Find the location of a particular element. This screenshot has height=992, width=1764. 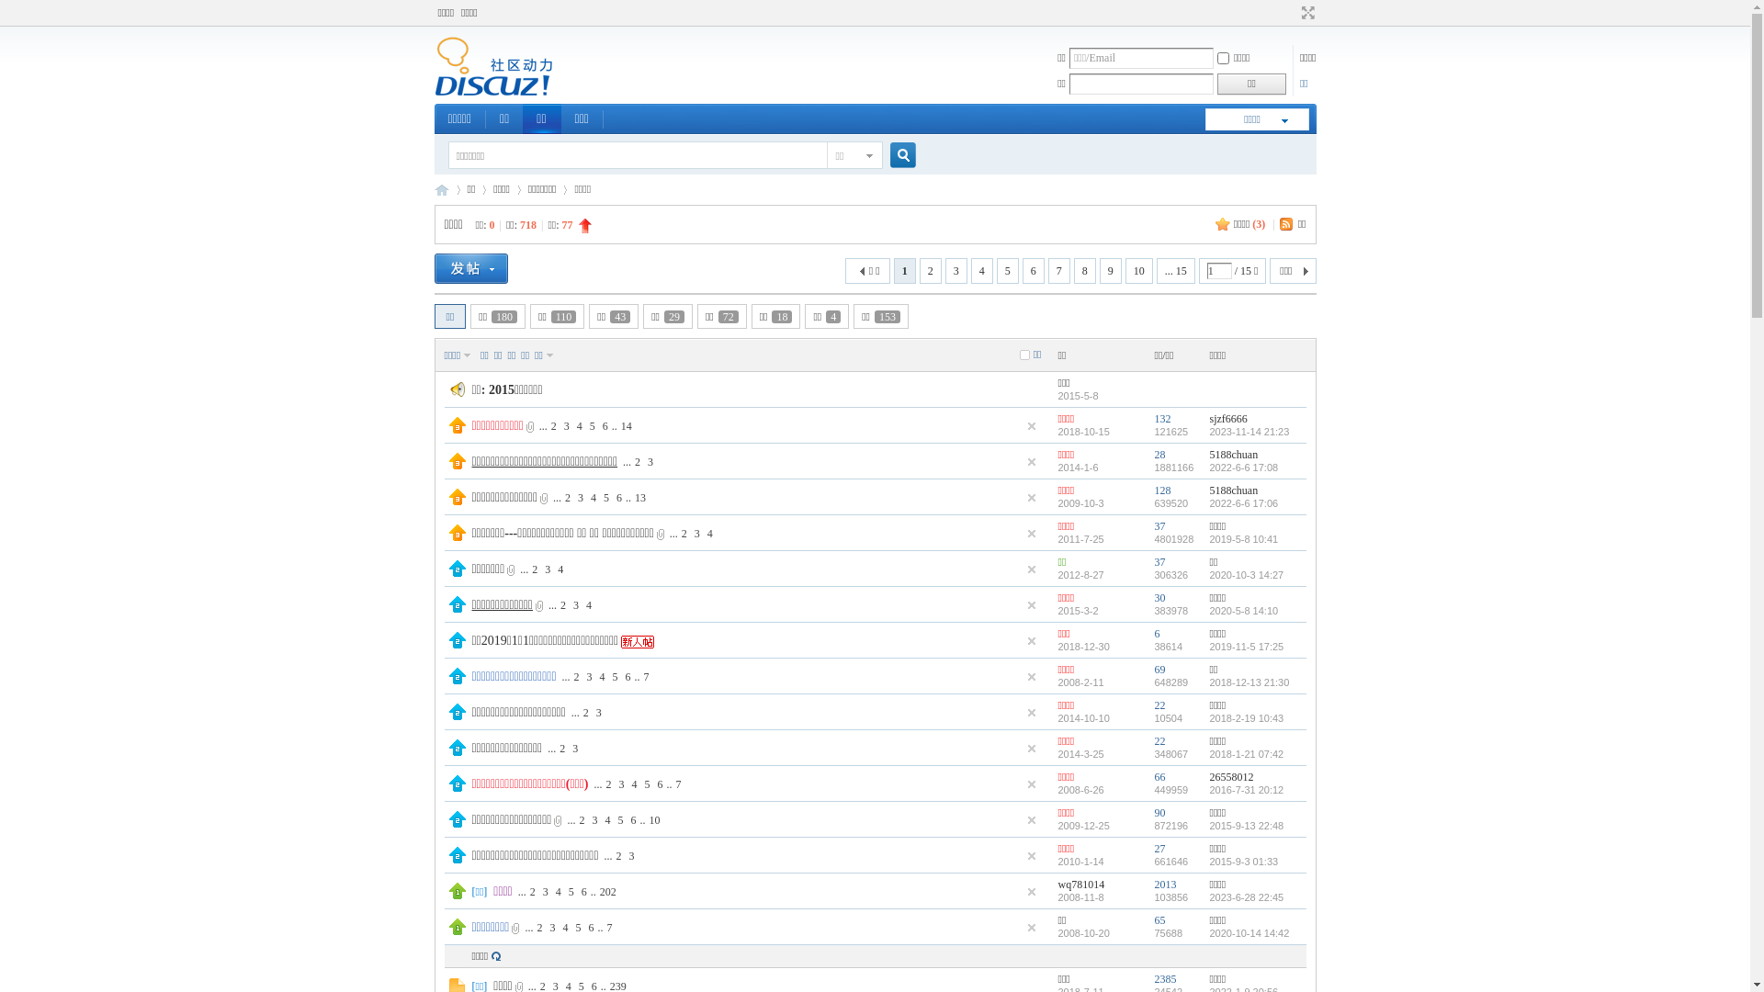

'2019-5-8 10:41' is located at coordinates (1208, 537).